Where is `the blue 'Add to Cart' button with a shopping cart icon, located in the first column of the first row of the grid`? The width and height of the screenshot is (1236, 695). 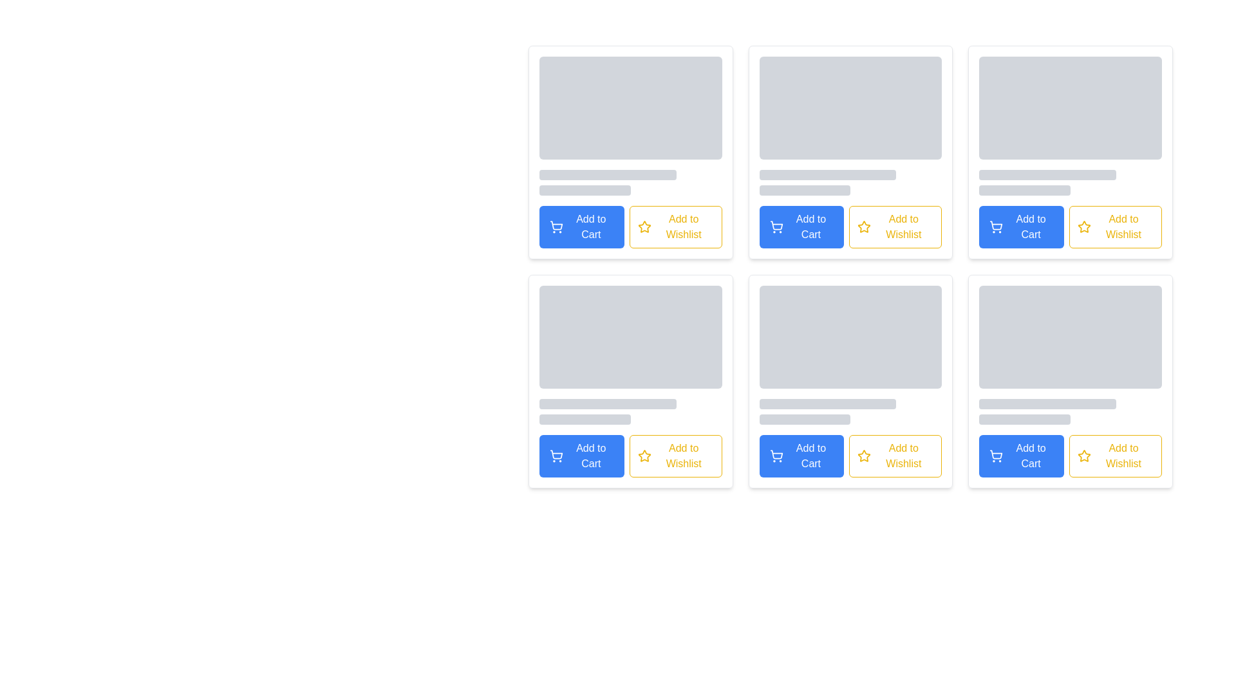
the blue 'Add to Cart' button with a shopping cart icon, located in the first column of the first row of the grid is located at coordinates (1021, 227).